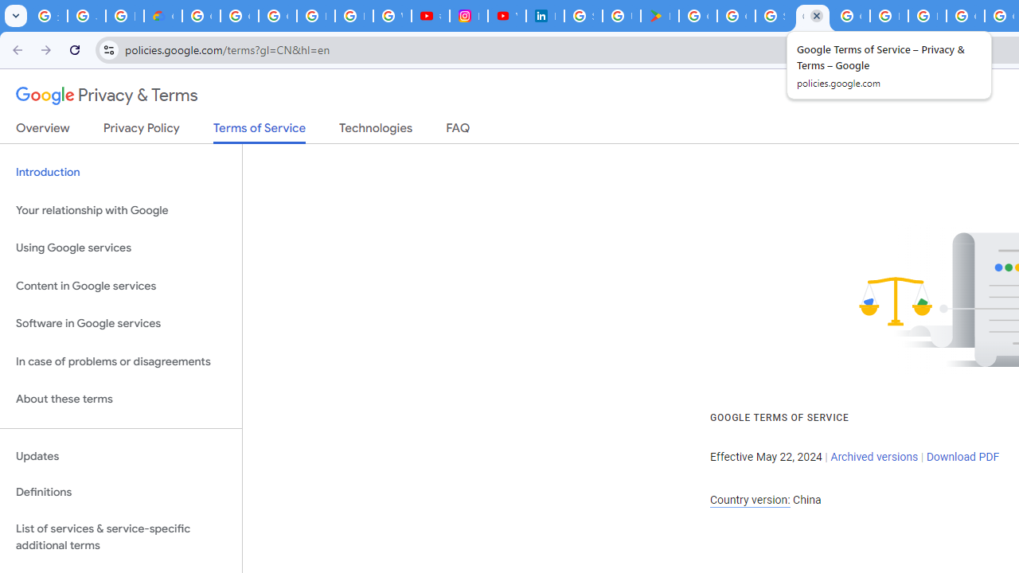 This screenshot has height=573, width=1019. Describe the element at coordinates (749, 499) in the screenshot. I see `'Country version:'` at that location.